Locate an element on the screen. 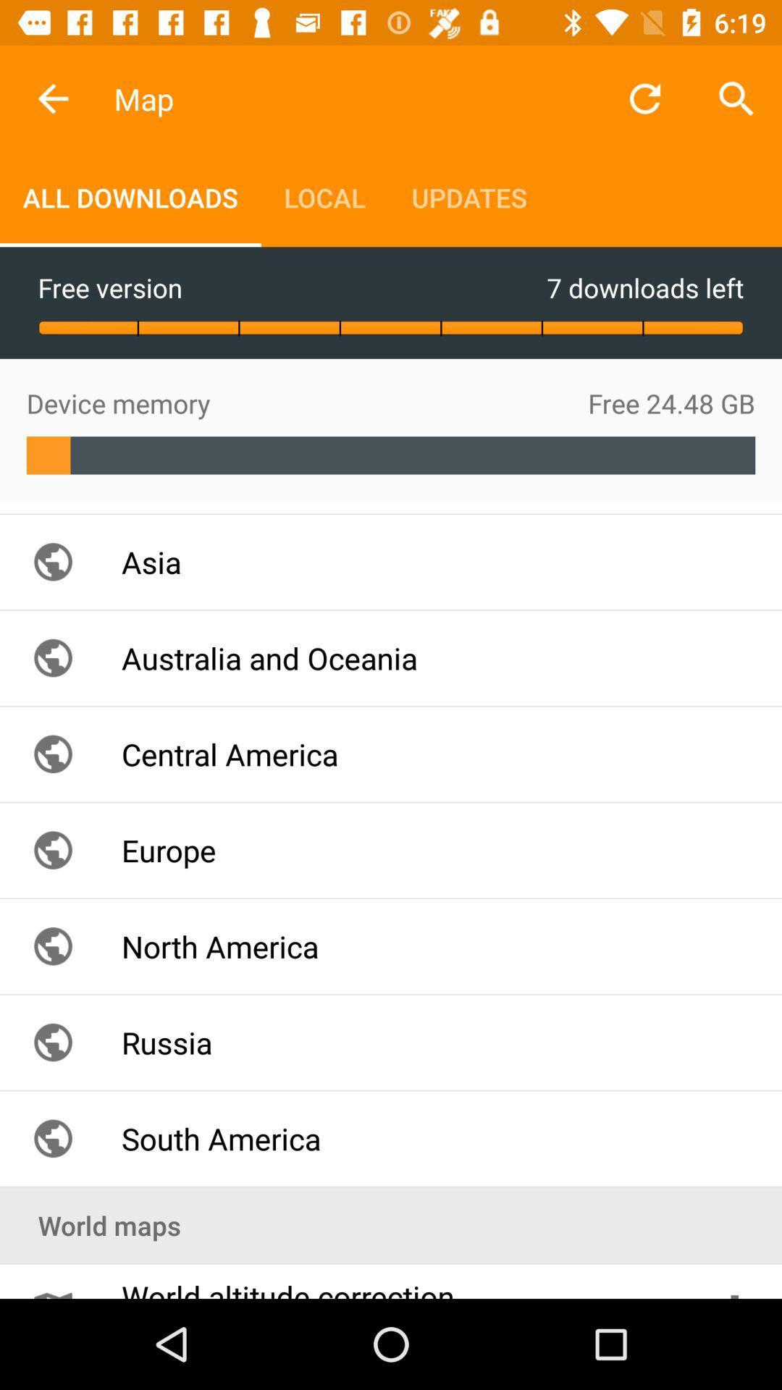  item to the right of world altitude correction item is located at coordinates (734, 1281).